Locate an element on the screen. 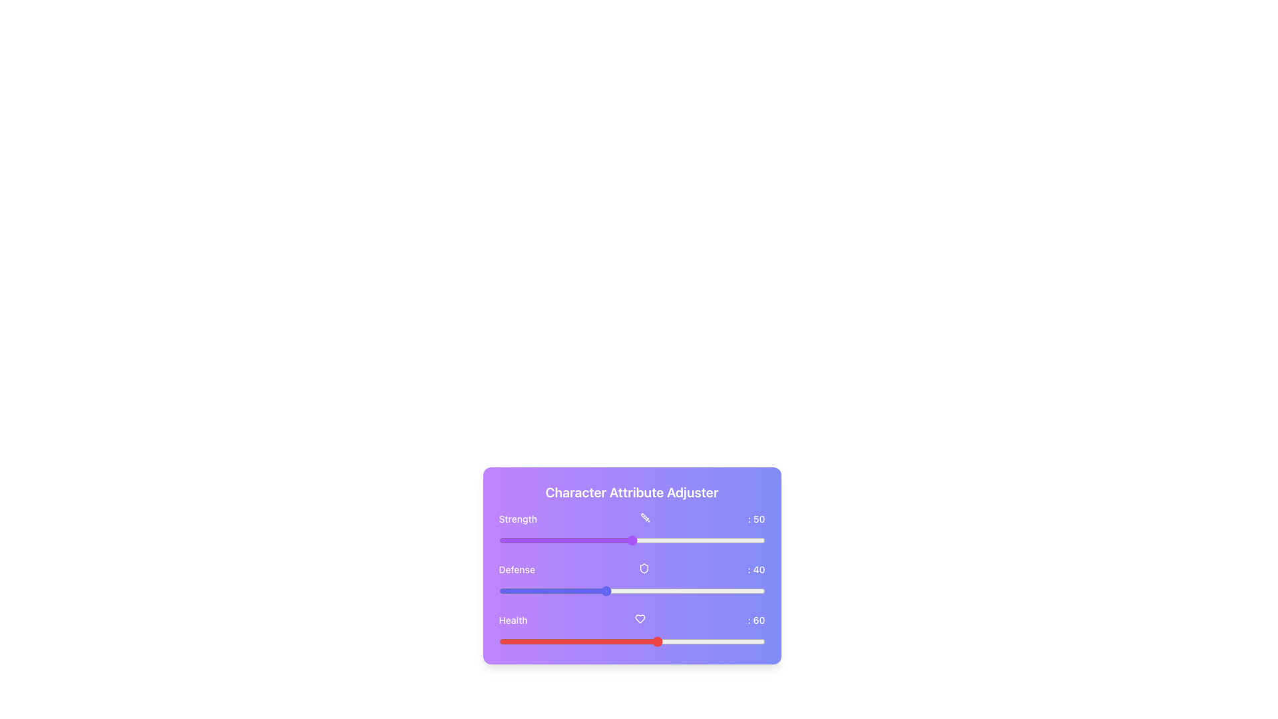 The height and width of the screenshot is (719, 1278). the Range slider element is located at coordinates (631, 590).